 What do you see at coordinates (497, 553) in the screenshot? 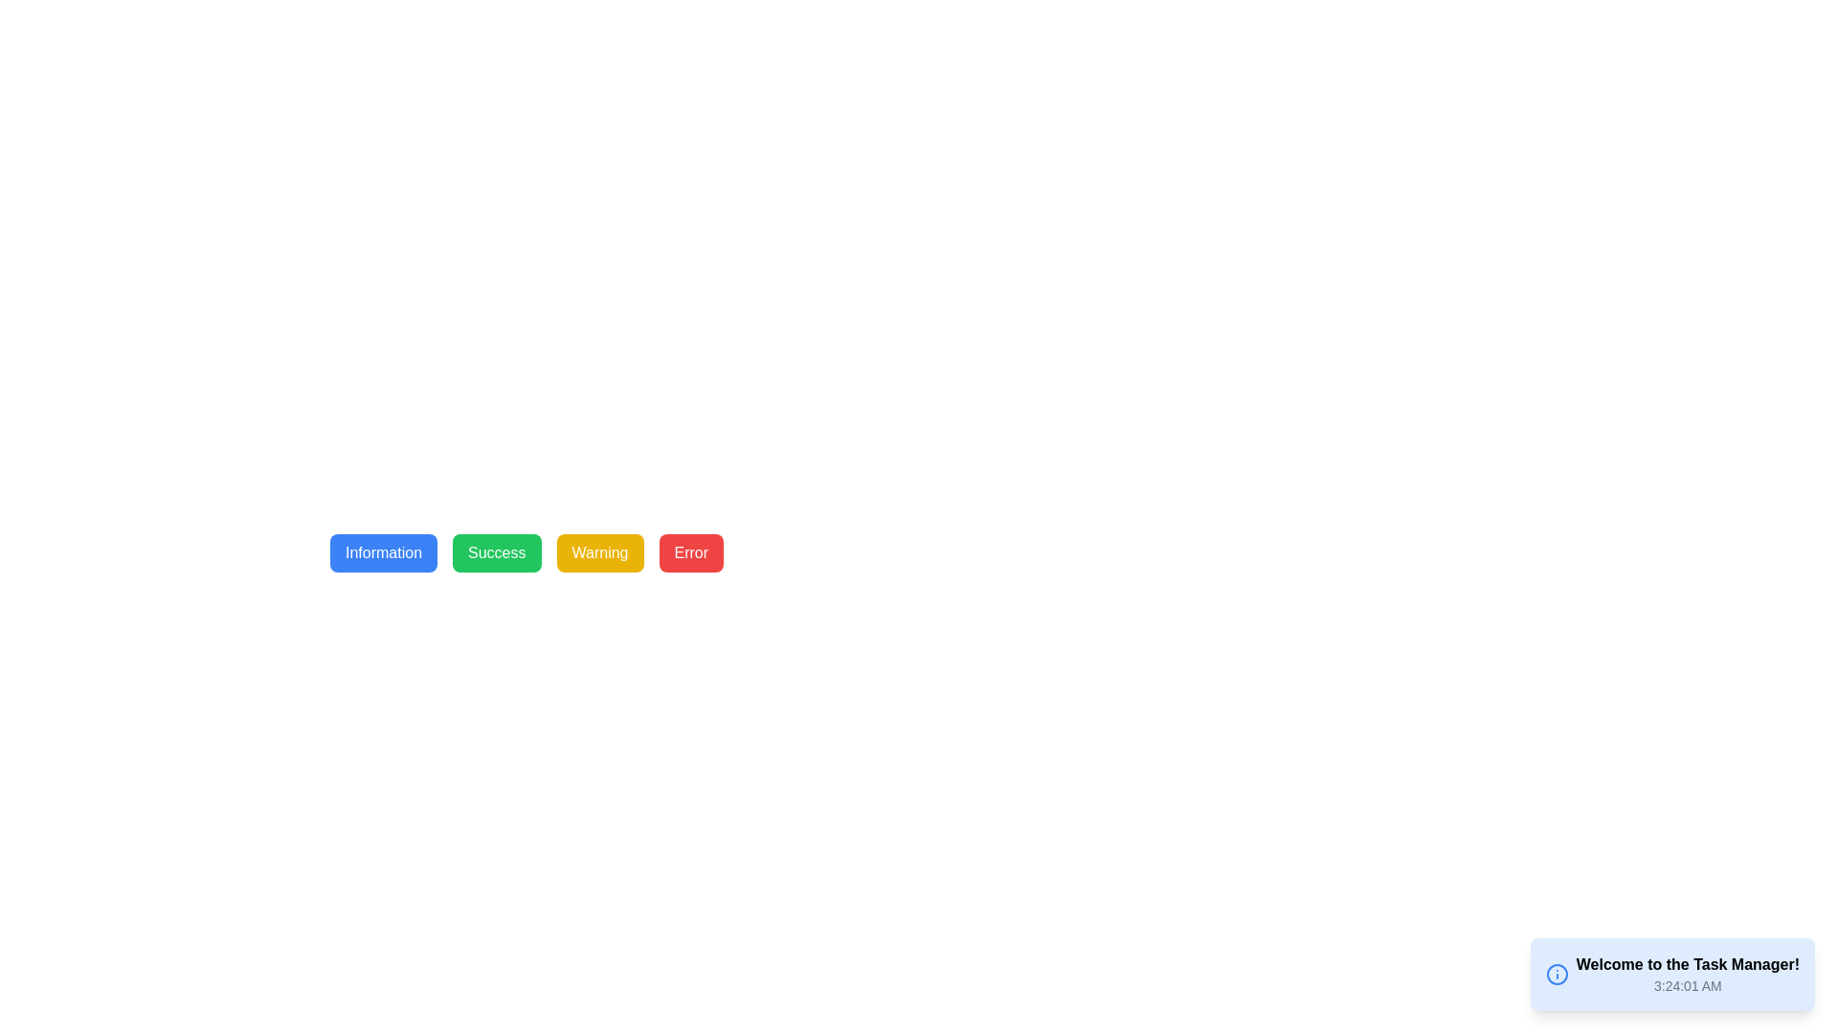
I see `the green 'Success' button with rounded corners` at bounding box center [497, 553].